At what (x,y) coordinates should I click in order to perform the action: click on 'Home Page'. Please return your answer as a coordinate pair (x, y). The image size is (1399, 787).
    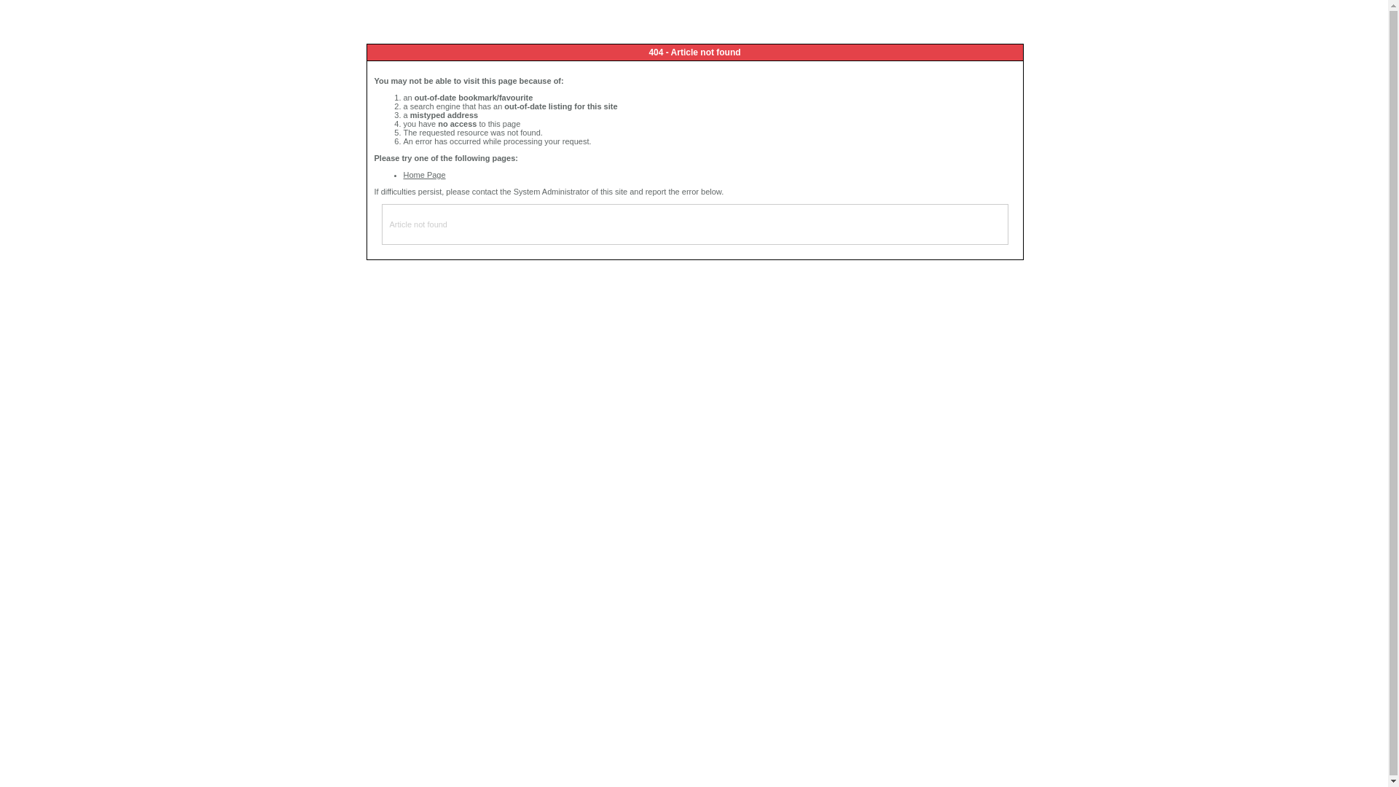
    Looking at the image, I should click on (403, 173).